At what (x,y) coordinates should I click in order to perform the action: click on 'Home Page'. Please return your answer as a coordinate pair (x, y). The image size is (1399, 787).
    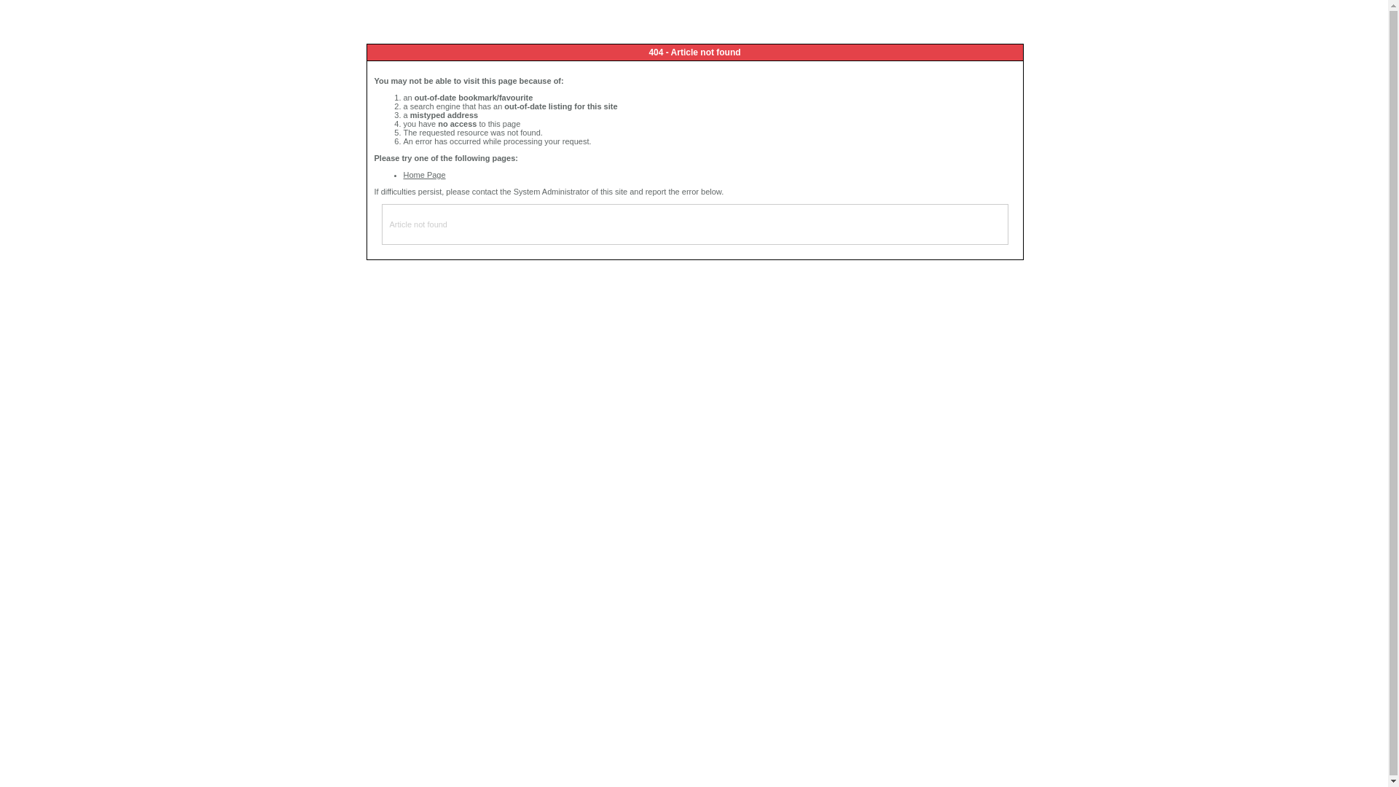
    Looking at the image, I should click on (403, 173).